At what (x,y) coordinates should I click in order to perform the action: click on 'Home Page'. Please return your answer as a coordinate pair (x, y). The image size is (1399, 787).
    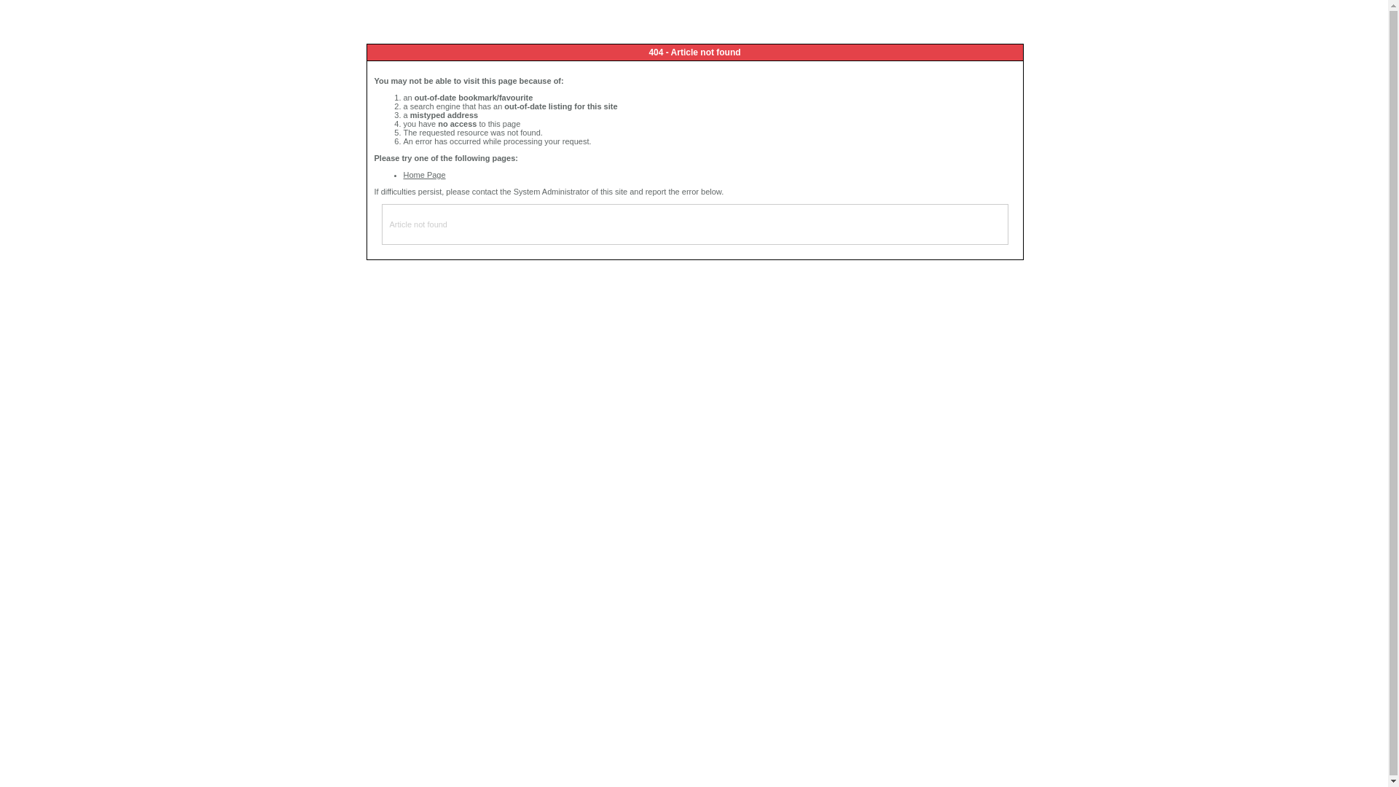
    Looking at the image, I should click on (403, 173).